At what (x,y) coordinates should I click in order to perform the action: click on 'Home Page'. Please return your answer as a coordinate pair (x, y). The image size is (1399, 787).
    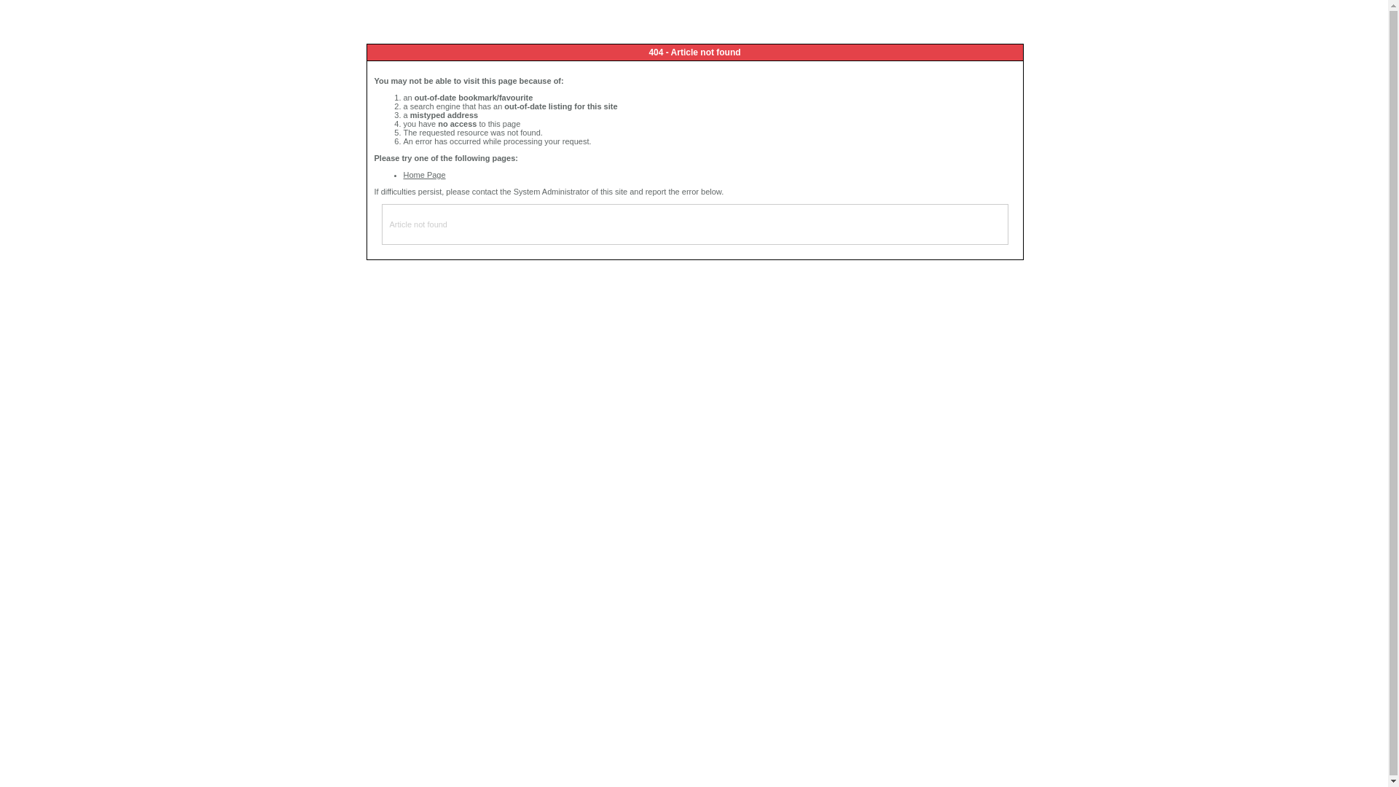
    Looking at the image, I should click on (403, 173).